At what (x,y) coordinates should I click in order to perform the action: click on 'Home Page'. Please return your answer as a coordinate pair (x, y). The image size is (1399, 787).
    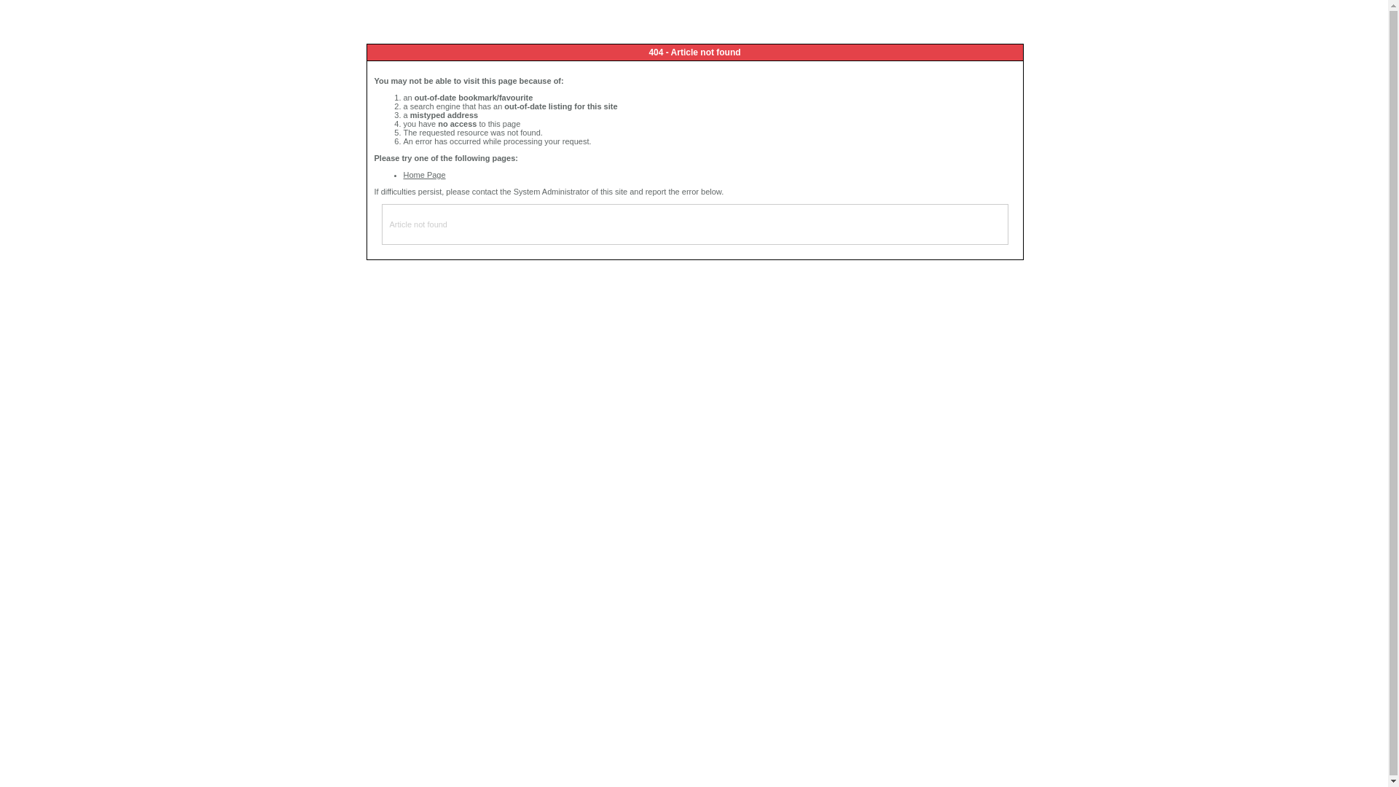
    Looking at the image, I should click on (403, 173).